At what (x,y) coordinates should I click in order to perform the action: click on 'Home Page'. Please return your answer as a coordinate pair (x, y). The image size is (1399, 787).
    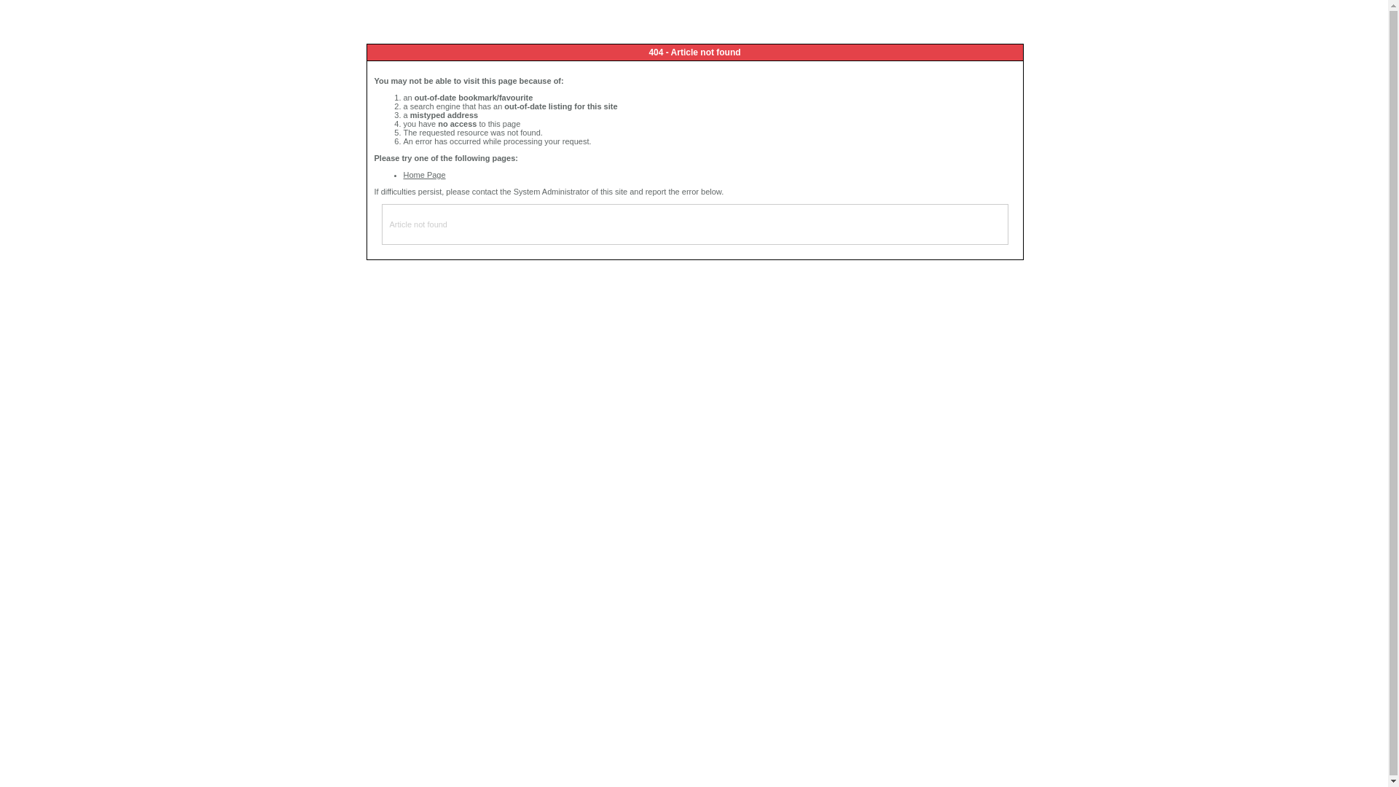
    Looking at the image, I should click on (403, 173).